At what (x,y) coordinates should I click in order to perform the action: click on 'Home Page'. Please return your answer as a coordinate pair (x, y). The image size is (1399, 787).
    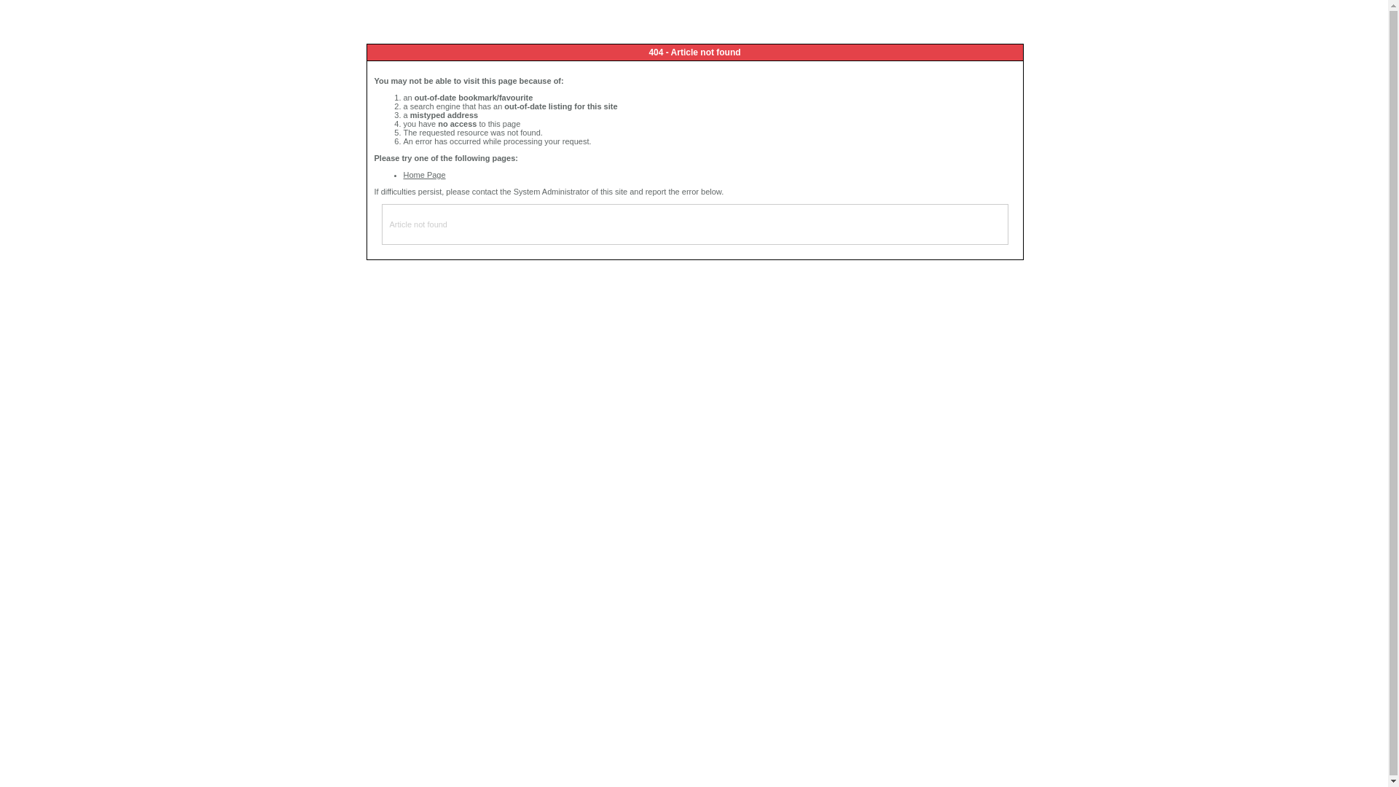
    Looking at the image, I should click on (403, 173).